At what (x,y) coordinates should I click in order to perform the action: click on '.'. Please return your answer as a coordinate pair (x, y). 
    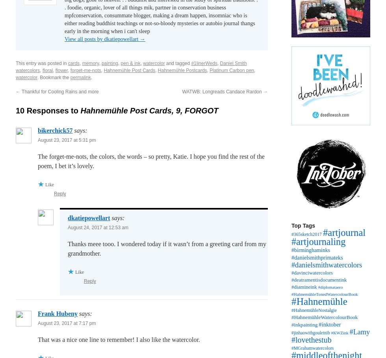
    Looking at the image, I should click on (91, 77).